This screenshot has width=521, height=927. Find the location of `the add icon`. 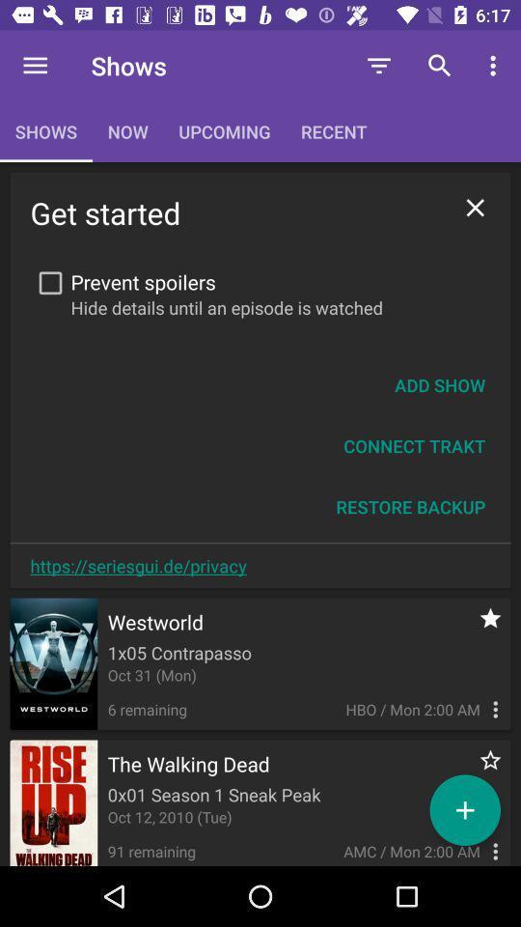

the add icon is located at coordinates (464, 810).